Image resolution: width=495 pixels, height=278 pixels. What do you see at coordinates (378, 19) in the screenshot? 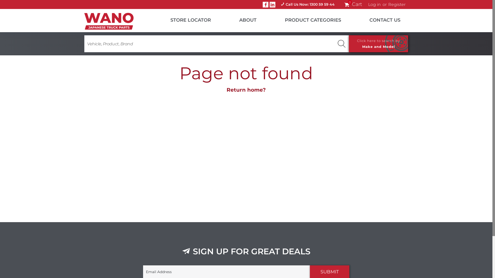
I see `'CONTACT US'` at bounding box center [378, 19].